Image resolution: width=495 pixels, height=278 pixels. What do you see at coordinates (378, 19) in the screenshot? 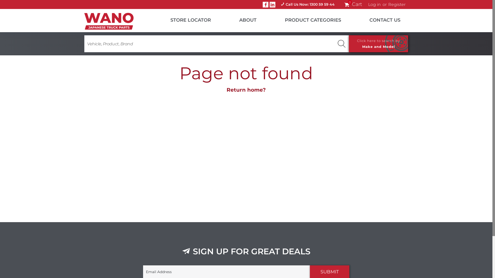
I see `'CONTACT US'` at bounding box center [378, 19].